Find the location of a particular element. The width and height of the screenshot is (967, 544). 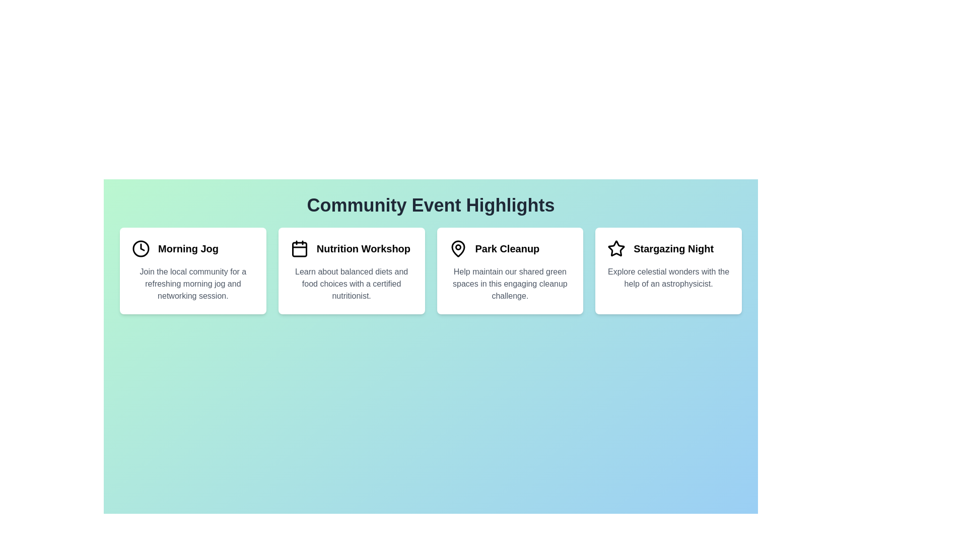

the text element that reads 'Learn about balanced diets and food choices with a certified nutritionist.' which is styled in gray and located beneath the 'Nutrition Workshop' heading within the Nutrition Workshop card is located at coordinates (352, 284).